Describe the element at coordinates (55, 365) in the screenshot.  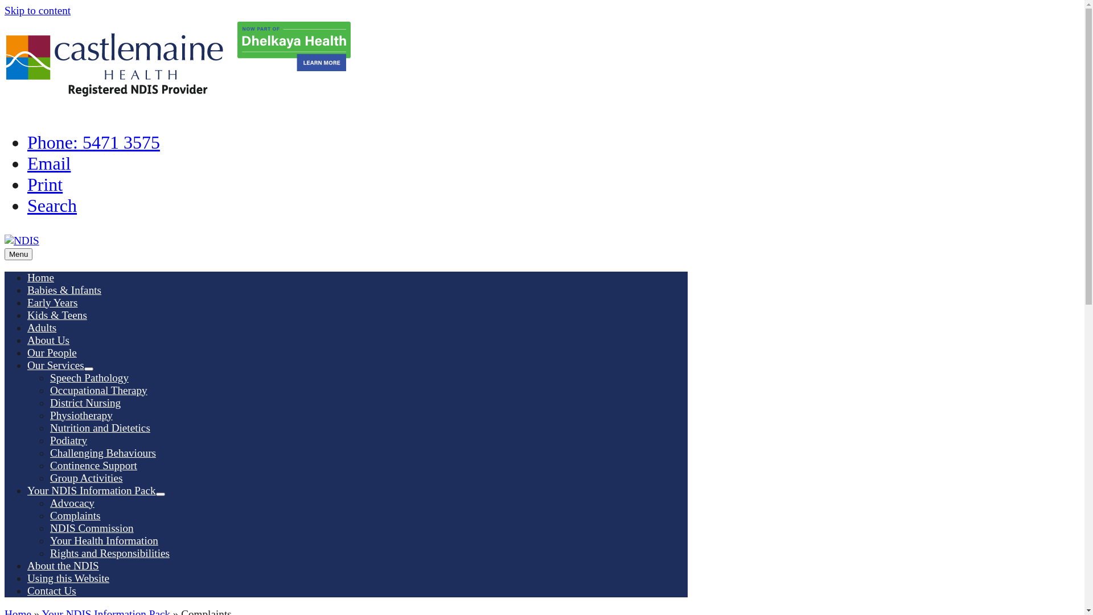
I see `'Our Services'` at that location.